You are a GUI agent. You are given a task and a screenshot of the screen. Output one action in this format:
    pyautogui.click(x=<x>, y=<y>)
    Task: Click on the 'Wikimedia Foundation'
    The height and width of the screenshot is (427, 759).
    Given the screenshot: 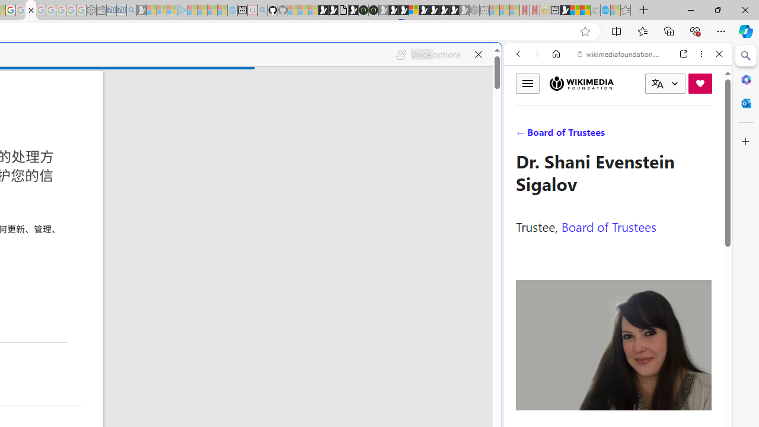 What is the action you would take?
    pyautogui.click(x=581, y=83)
    